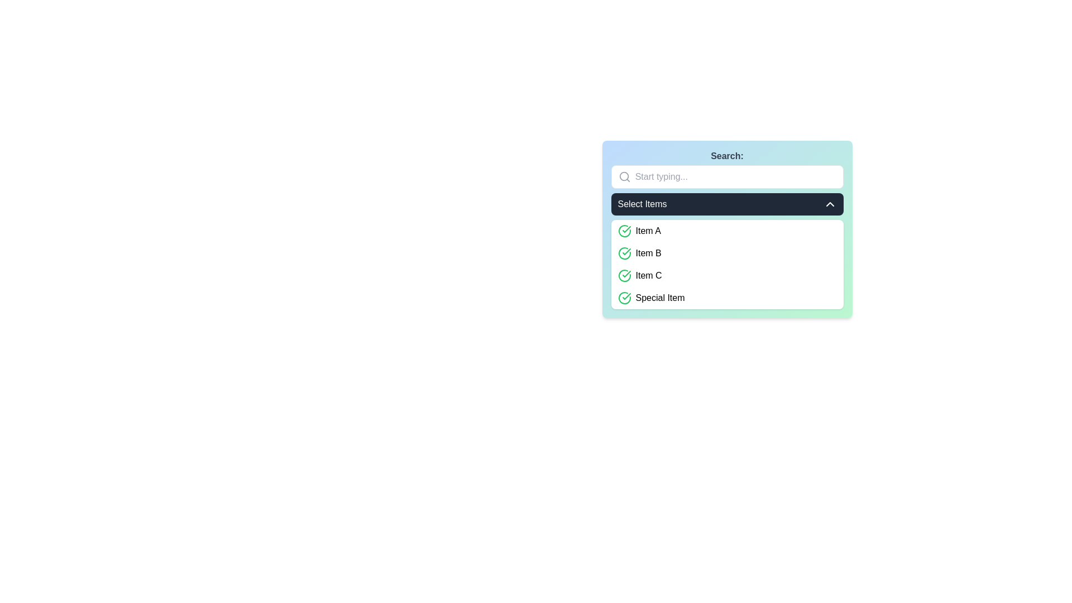  What do you see at coordinates (624, 230) in the screenshot?
I see `graphical indicator that denotes the status of 'Item C', located adjacent and to the left of 'Item C'` at bounding box center [624, 230].